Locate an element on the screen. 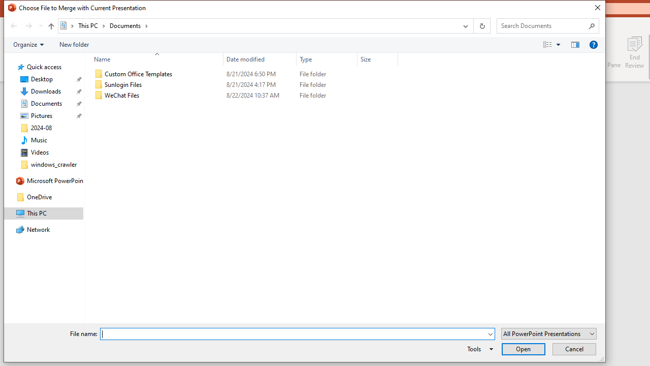 The width and height of the screenshot is (650, 366). 'Refresh "Documents" (F5)' is located at coordinates (481, 25).